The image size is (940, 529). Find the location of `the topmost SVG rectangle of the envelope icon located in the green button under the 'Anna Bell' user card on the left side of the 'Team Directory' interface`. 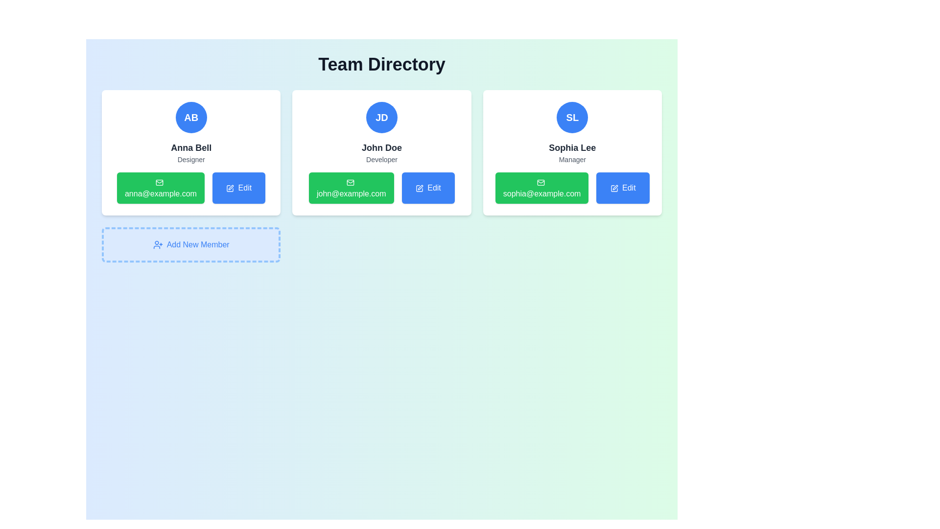

the topmost SVG rectangle of the envelope icon located in the green button under the 'Anna Bell' user card on the left side of the 'Team Directory' interface is located at coordinates (160, 182).